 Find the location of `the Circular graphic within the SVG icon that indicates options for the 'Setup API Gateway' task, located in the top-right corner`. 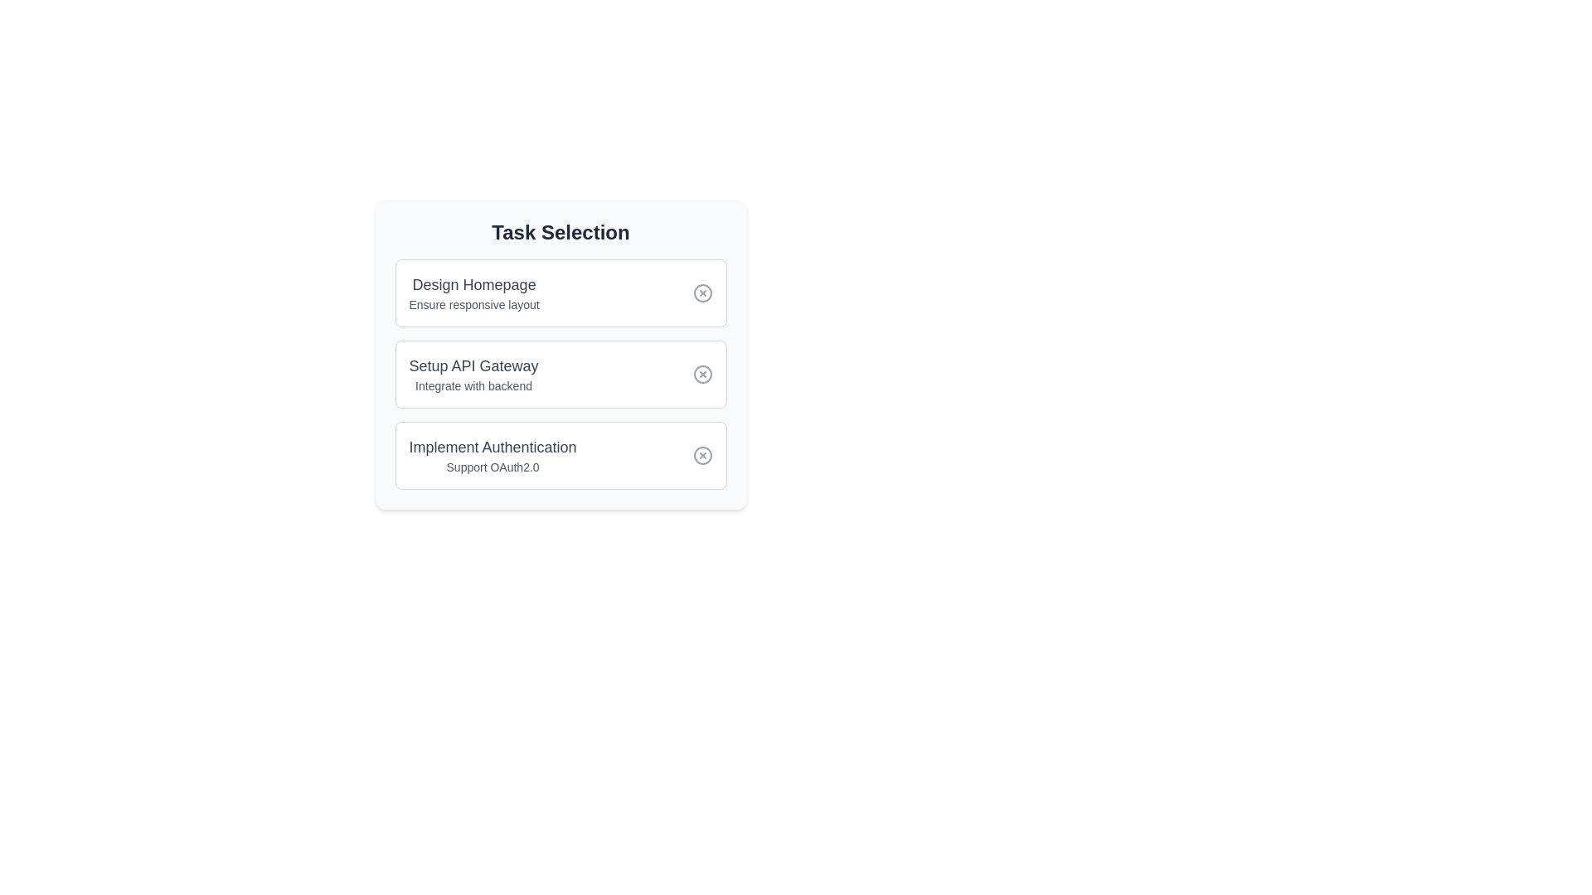

the Circular graphic within the SVG icon that indicates options for the 'Setup API Gateway' task, located in the top-right corner is located at coordinates (702, 374).